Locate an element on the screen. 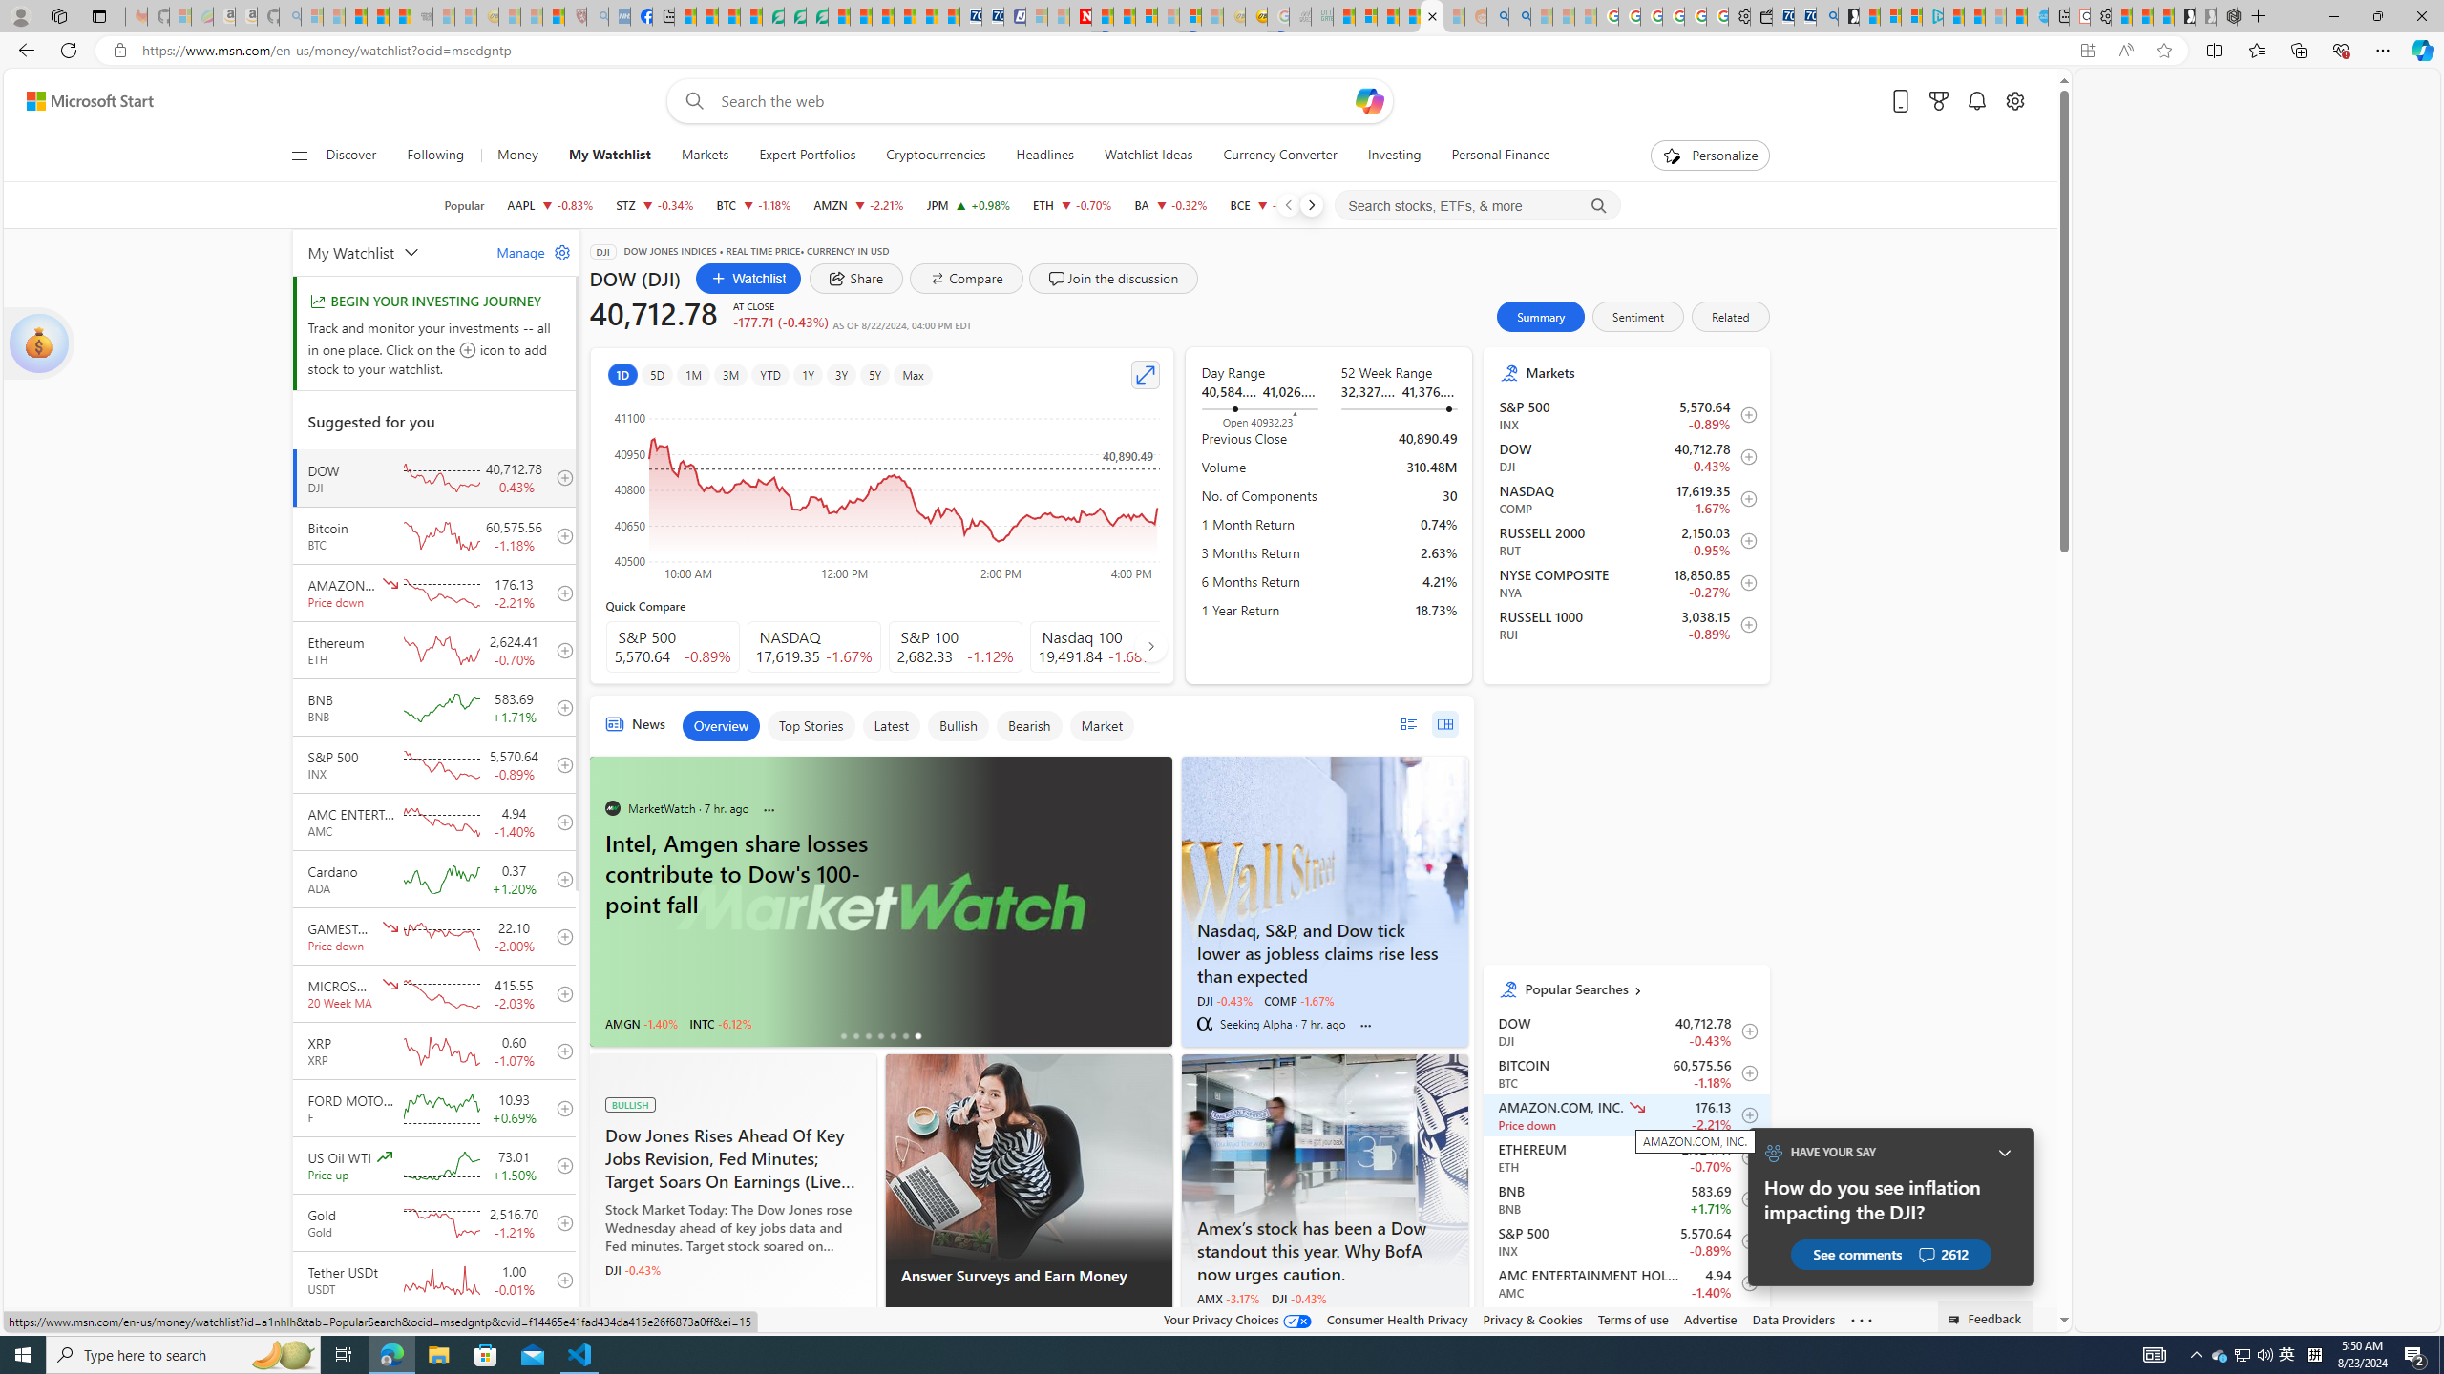 The height and width of the screenshot is (1374, 2444). 'Watchlist Ideas' is located at coordinates (1148, 155).